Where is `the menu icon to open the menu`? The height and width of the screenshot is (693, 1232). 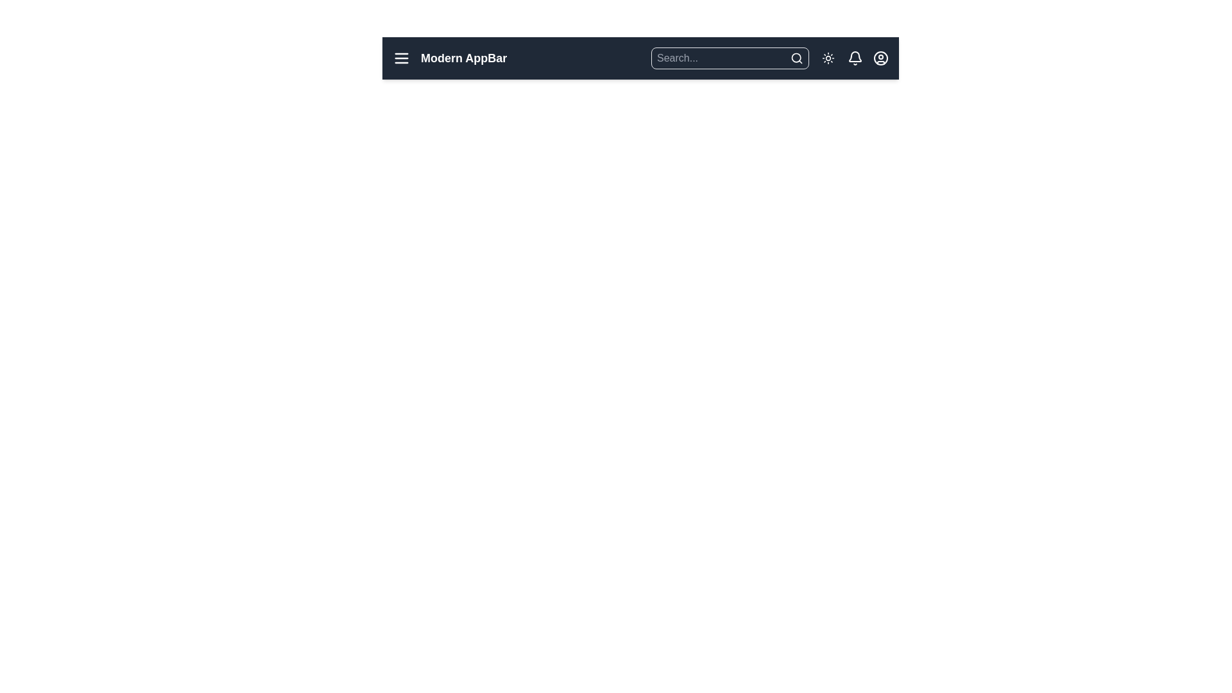 the menu icon to open the menu is located at coordinates (400, 58).